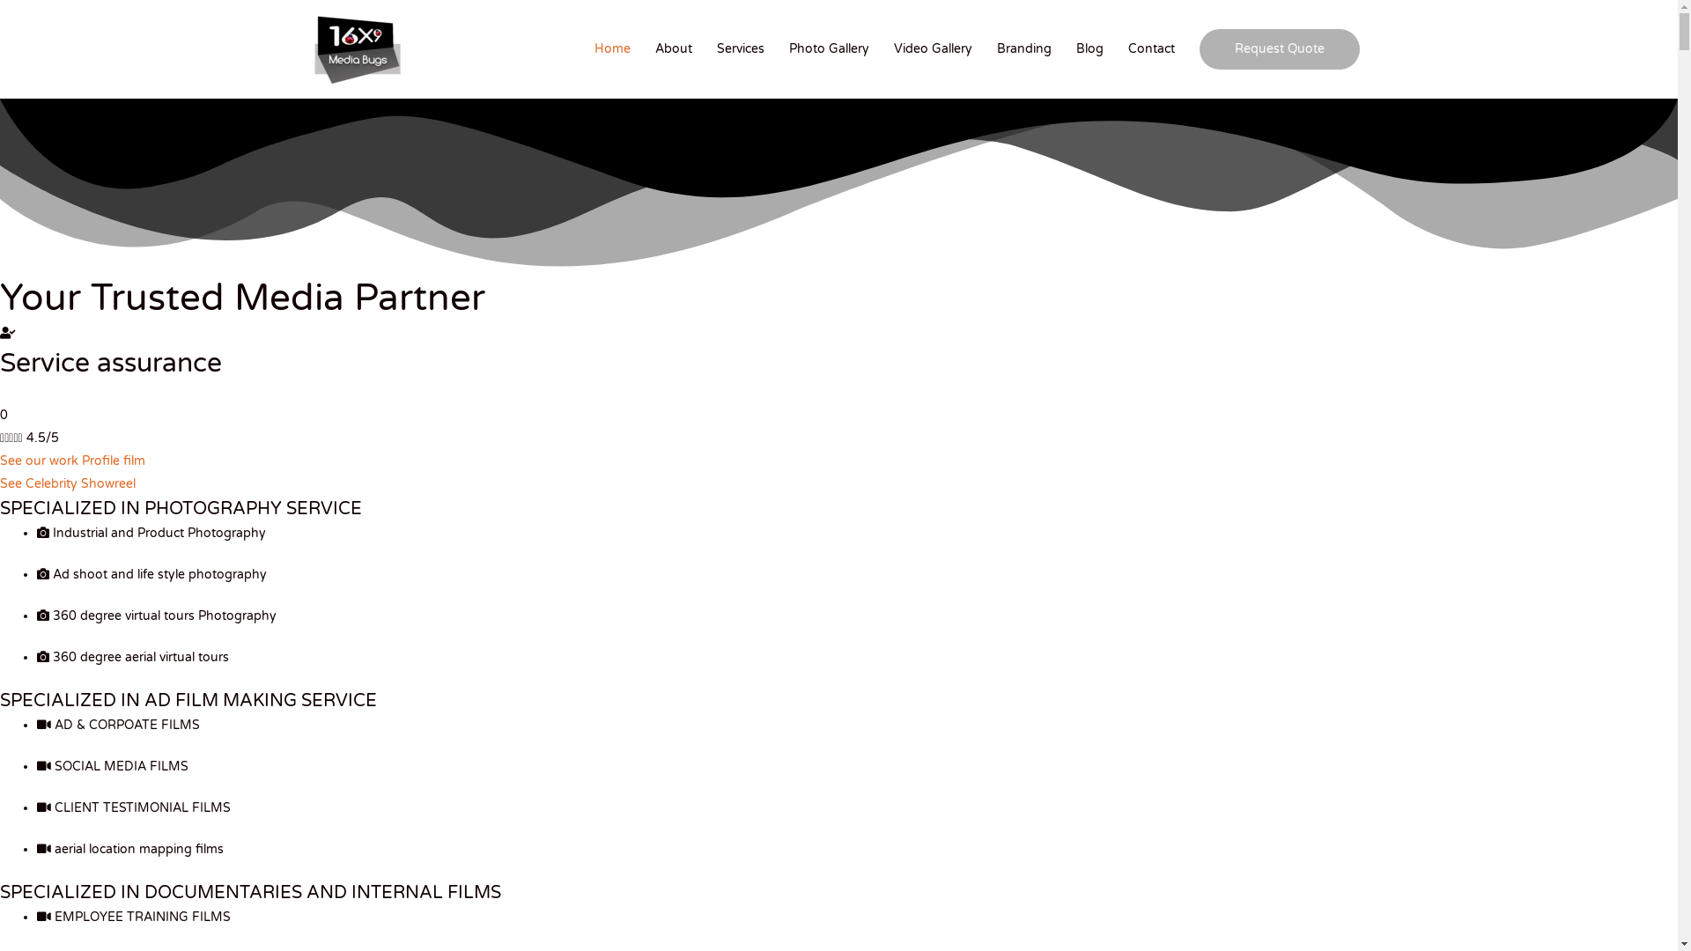 The width and height of the screenshot is (1691, 951). Describe the element at coordinates (612, 48) in the screenshot. I see `'Home'` at that location.